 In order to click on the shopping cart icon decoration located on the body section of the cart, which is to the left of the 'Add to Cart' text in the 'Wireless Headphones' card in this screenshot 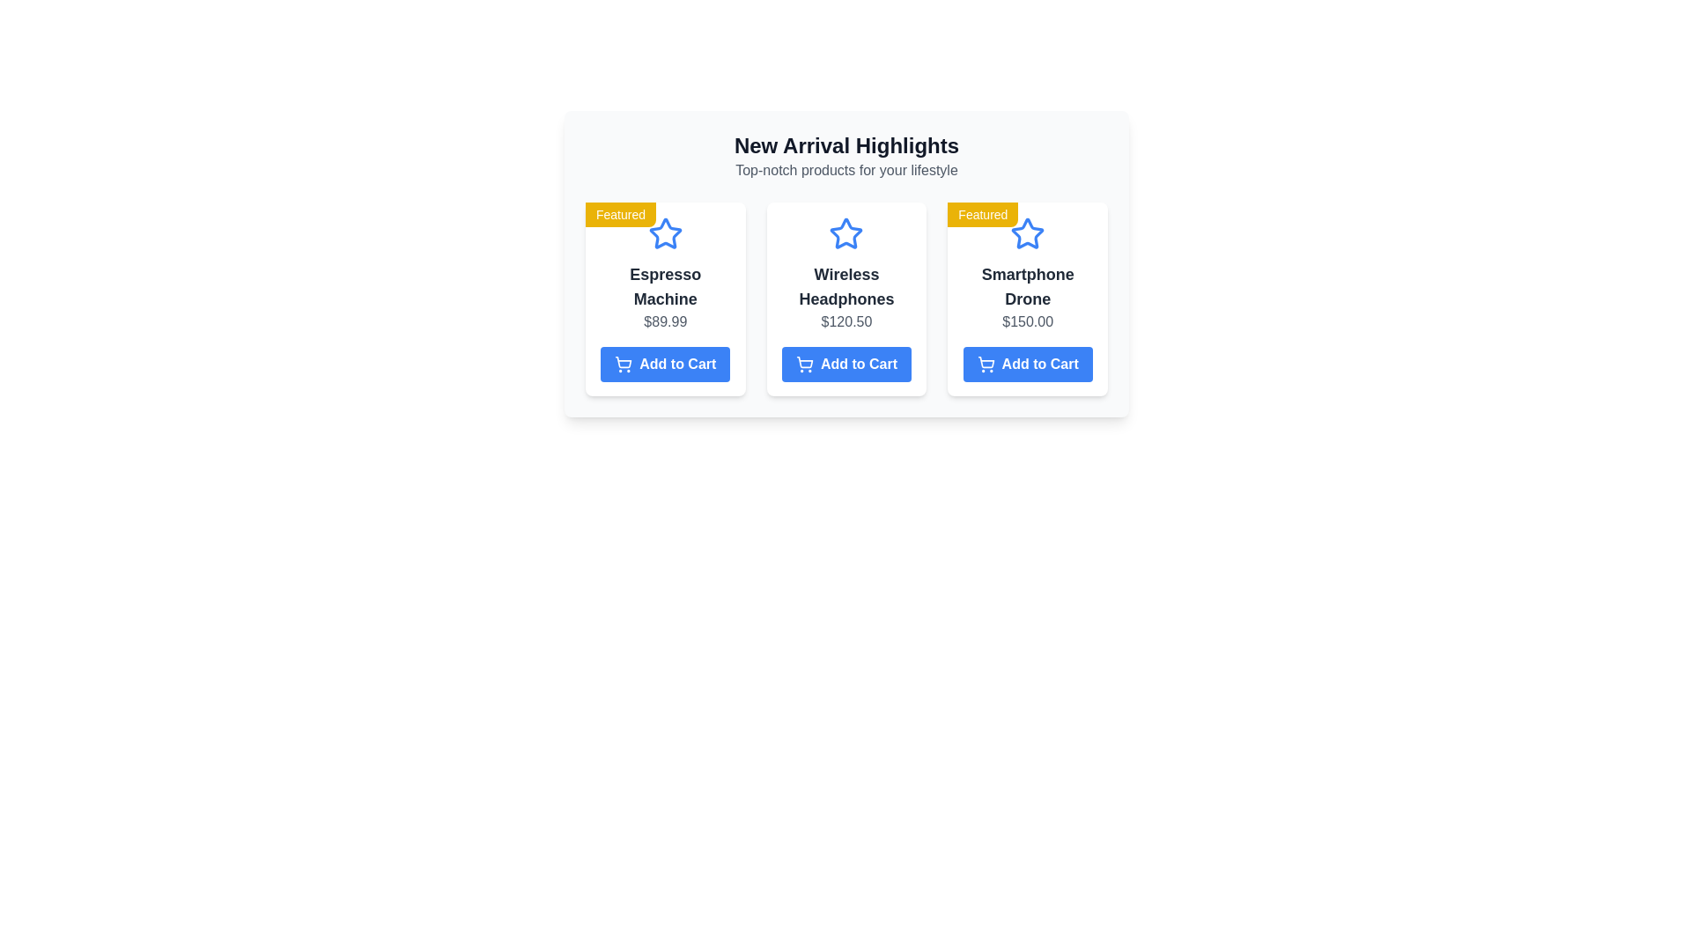, I will do `click(803, 361)`.